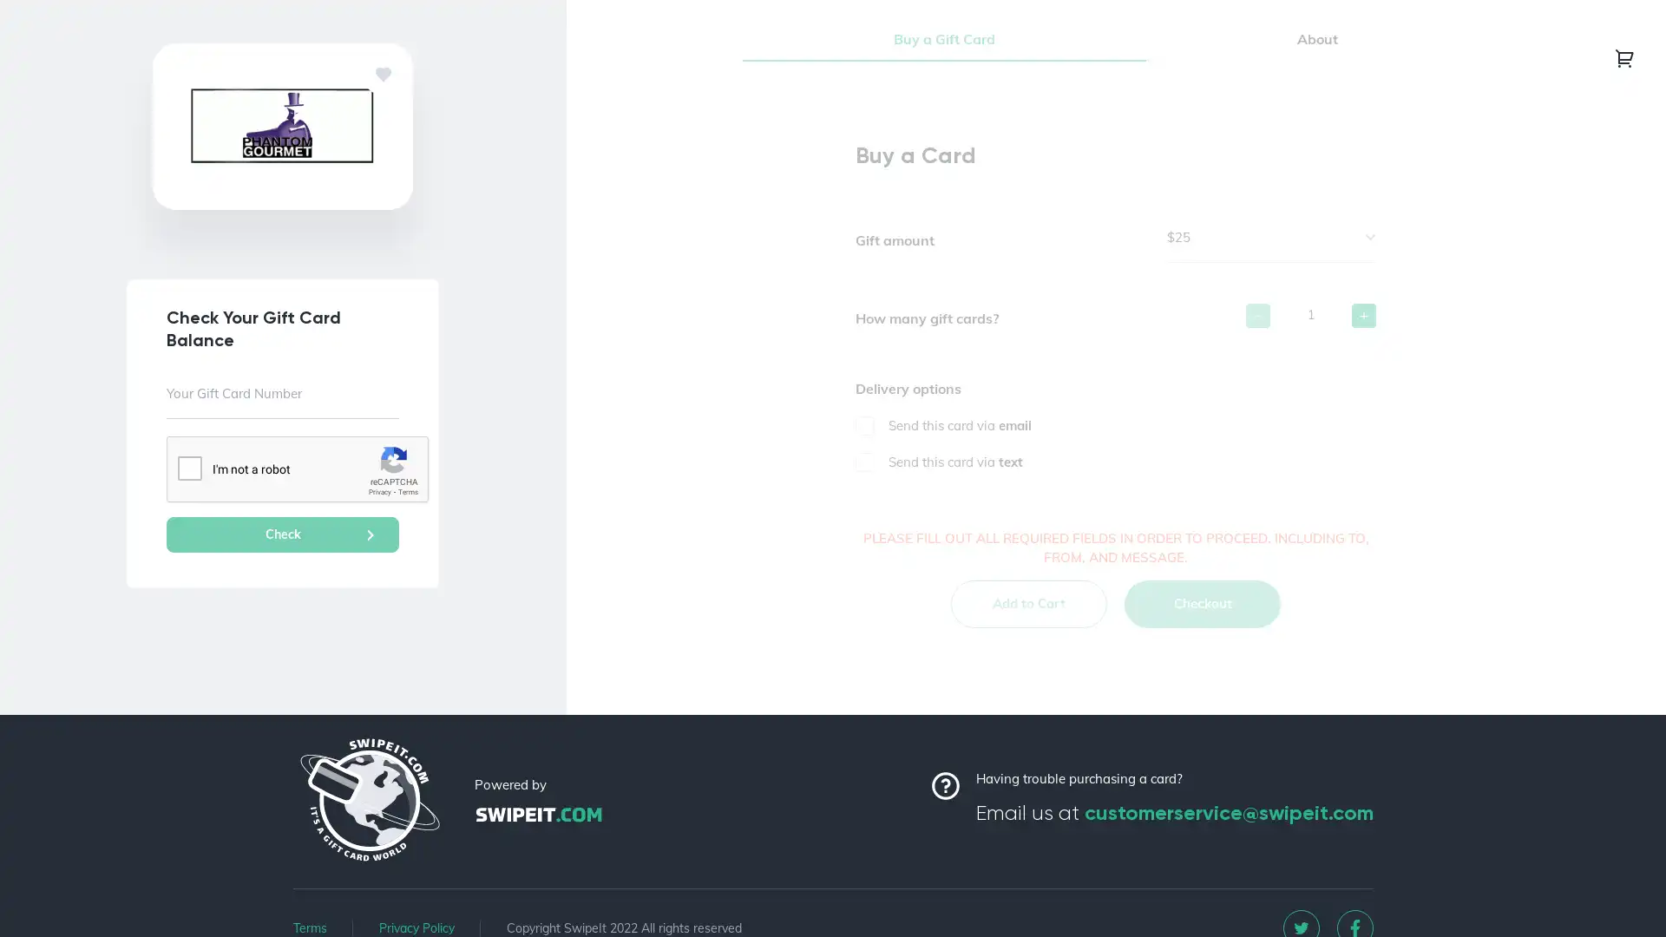 This screenshot has height=937, width=1666. Describe the element at coordinates (1028, 620) in the screenshot. I see `Add to Cart` at that location.